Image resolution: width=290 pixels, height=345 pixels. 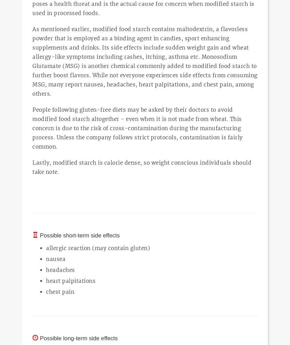 I want to click on 'chest pain', so click(x=46, y=291).